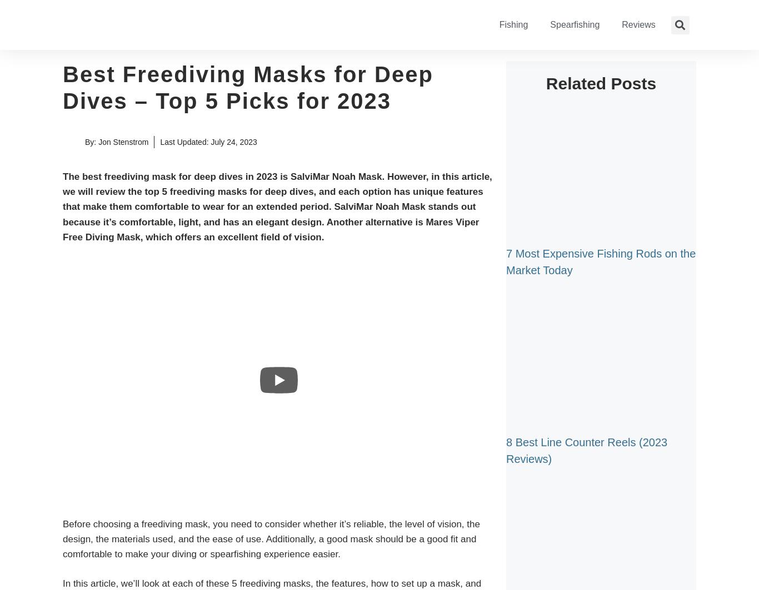 The height and width of the screenshot is (590, 759). What do you see at coordinates (277, 206) in the screenshot?
I see `'The best freediving mask for deep dives in 2023 is SalviMar Noah Mask. However, in this article, we will review the top 5 freediving masks for deep dives, and each option has unique features that make them comfortable to wear for an extended period. SalviMar Noah Mask stands out because it’s comfortable, light, and has an elegant design. Another alternative is Mares Viper Free Diving Mask, which offers an excellent field of vision.'` at bounding box center [277, 206].